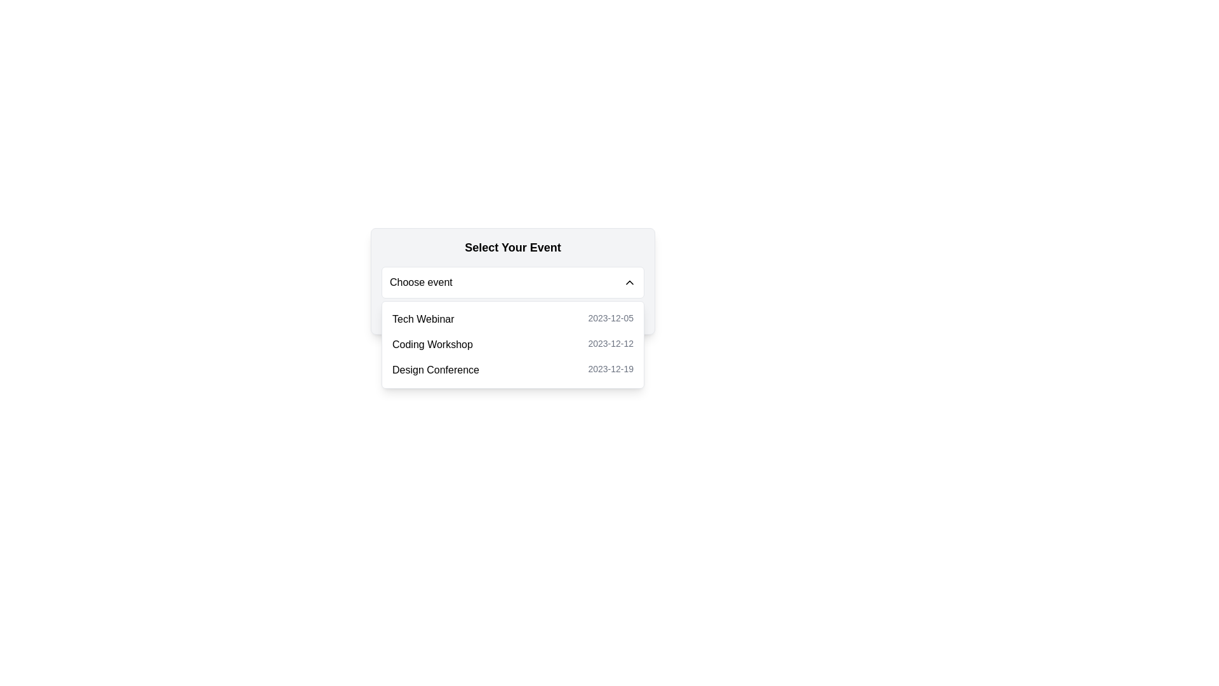 The image size is (1219, 686). Describe the element at coordinates (436, 370) in the screenshot. I see `static text label displaying 'Design Conference' which is the leftmost option in the dropdown menu` at that location.